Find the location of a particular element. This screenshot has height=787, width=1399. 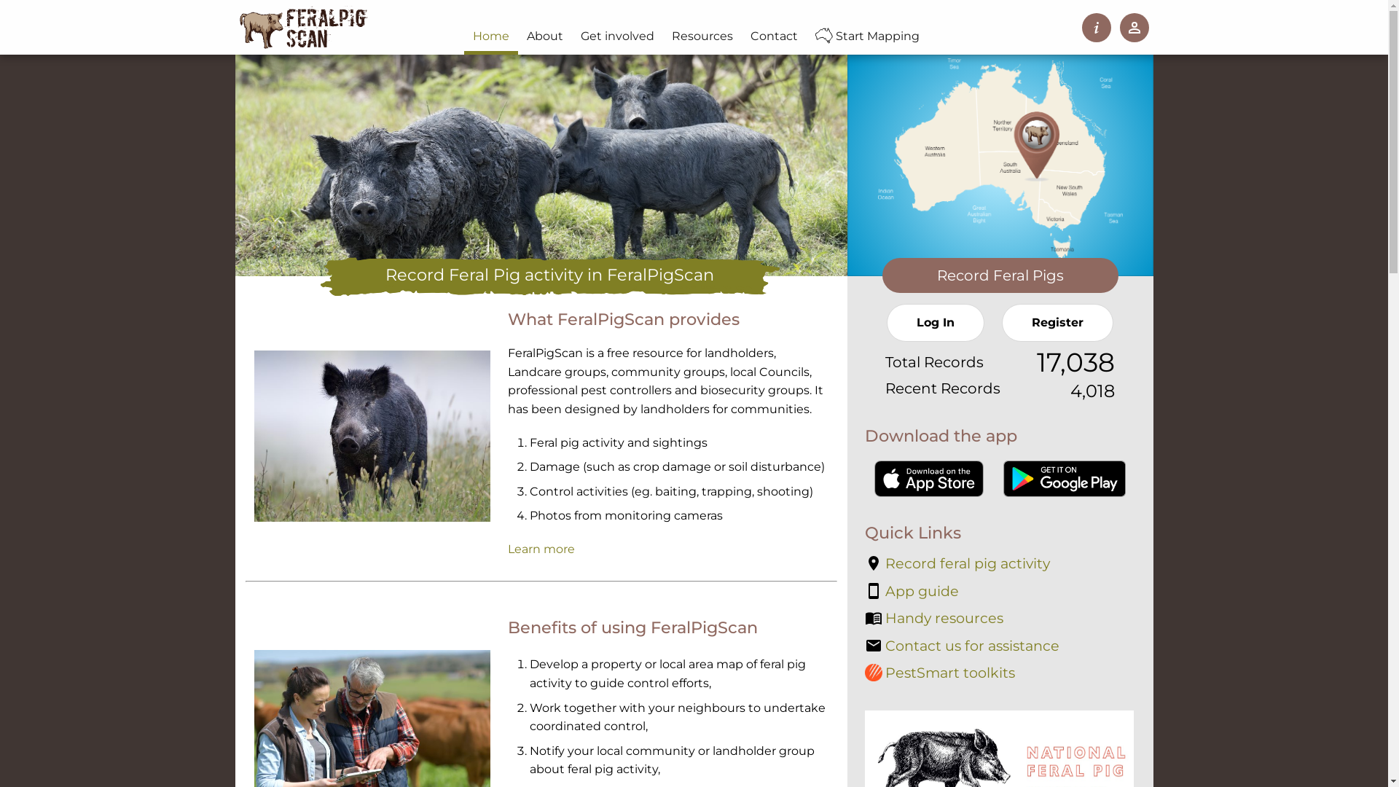

'Log In' is located at coordinates (935, 322).